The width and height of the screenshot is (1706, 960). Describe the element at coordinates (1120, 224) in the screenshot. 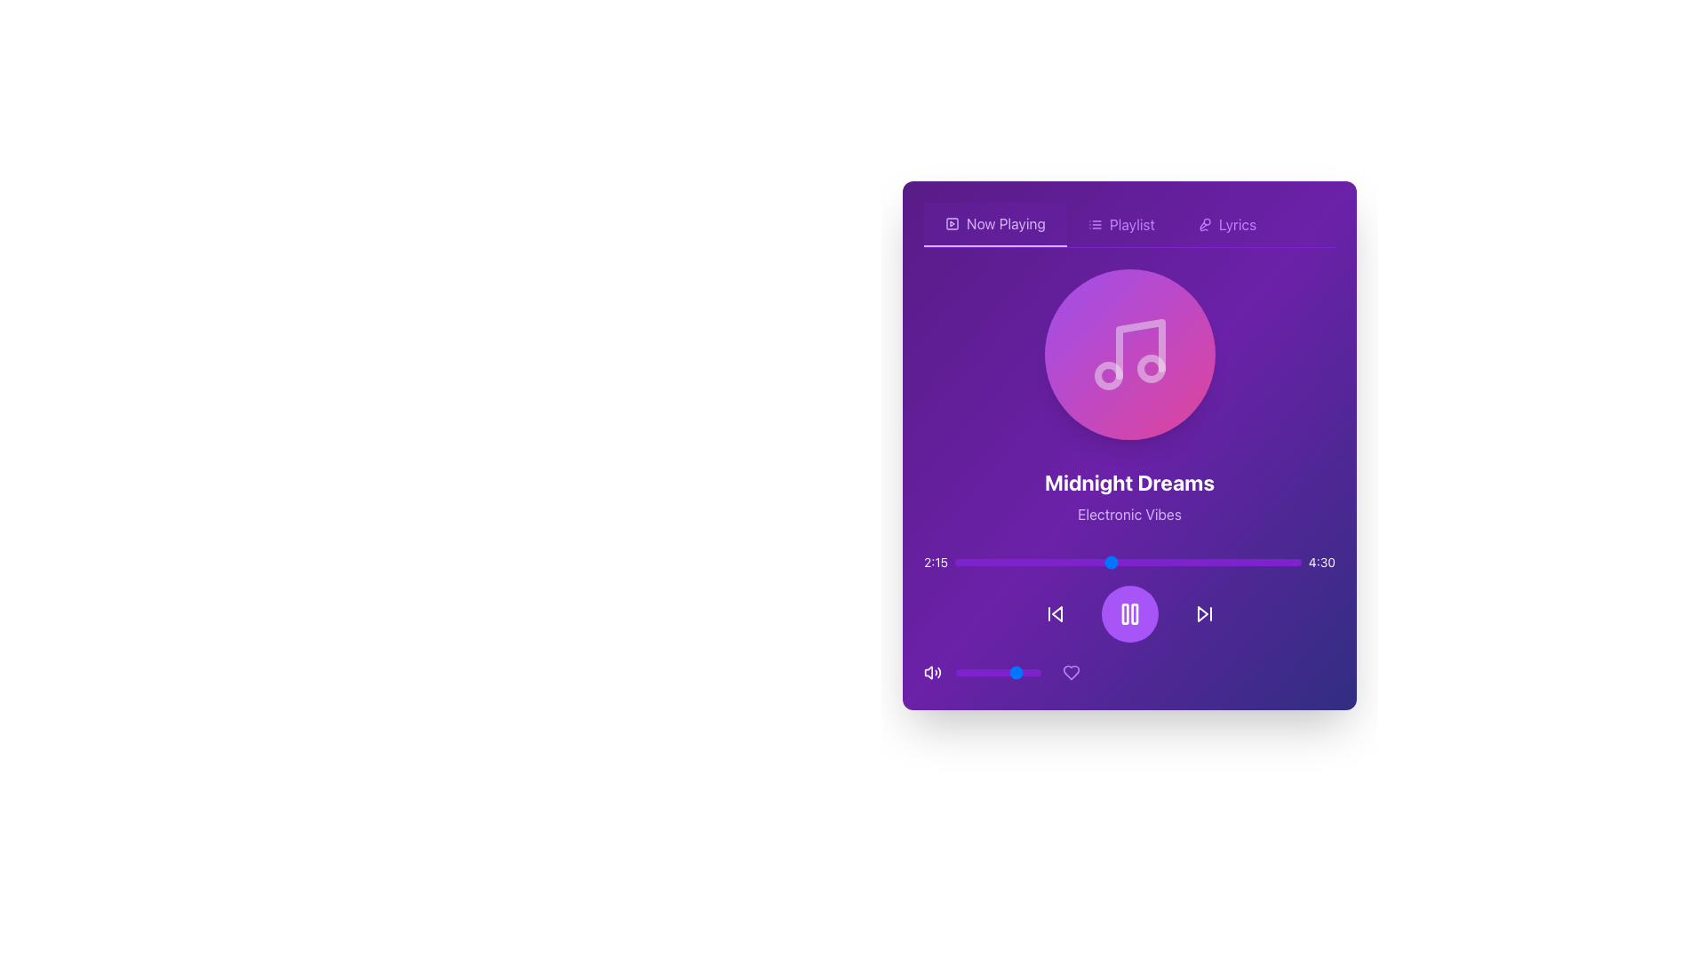

I see `the navigation tab located in the upper section of the interface, which is the second item in a horizontal group of tabs` at that location.